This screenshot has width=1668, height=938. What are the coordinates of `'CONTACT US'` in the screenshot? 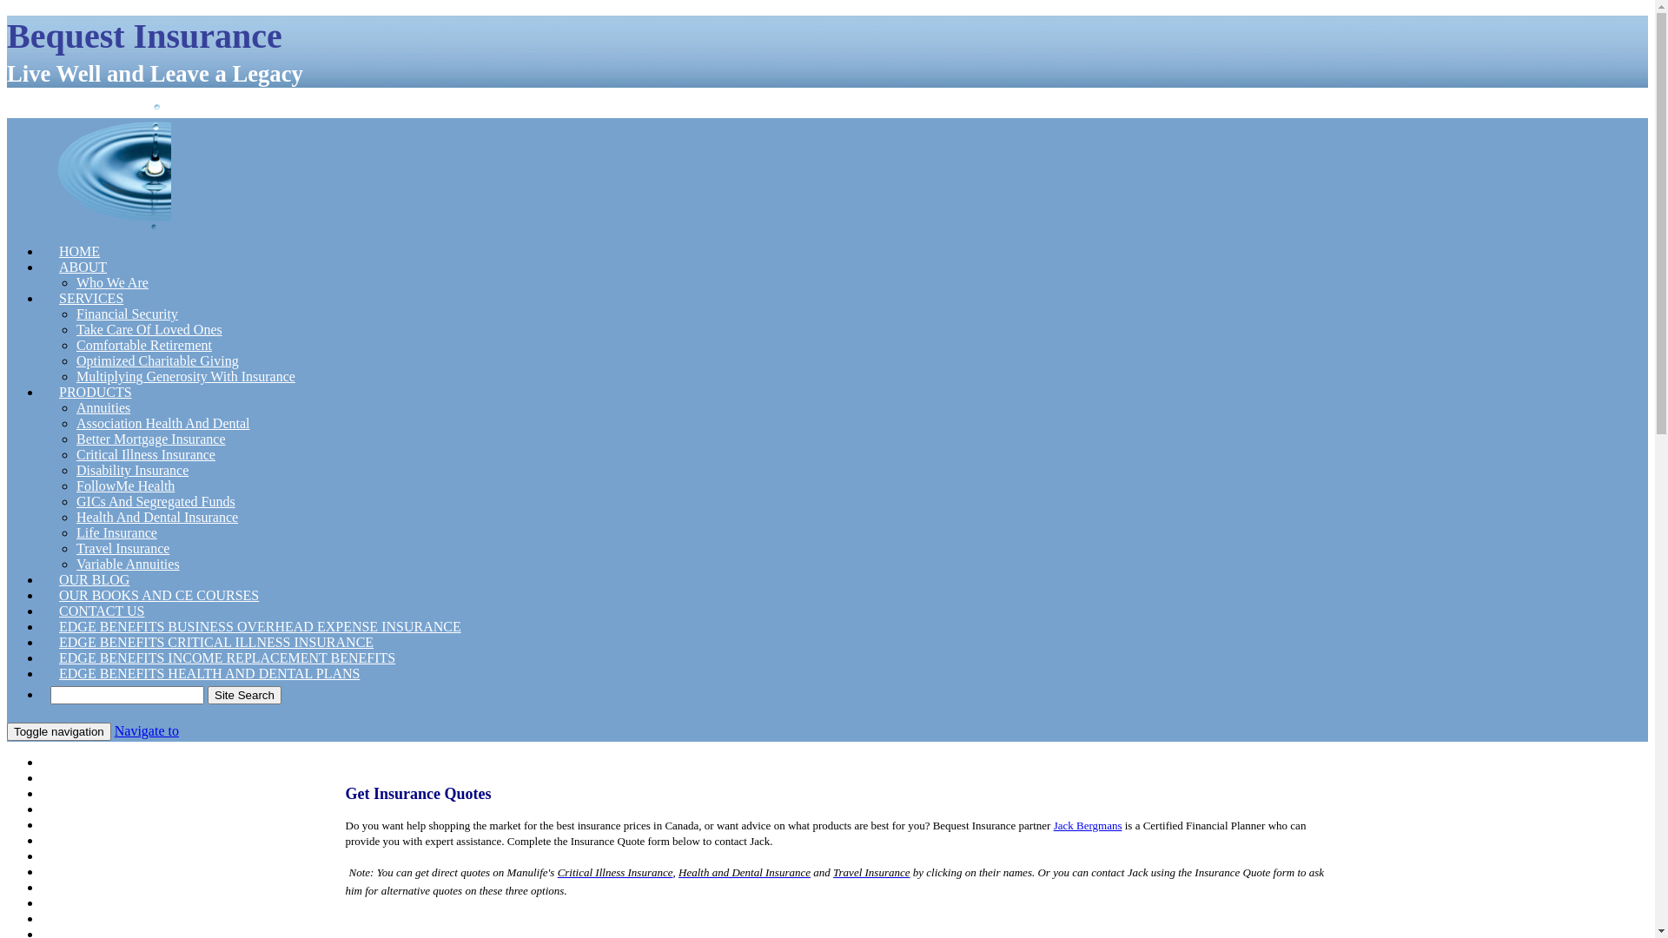 It's located at (100, 610).